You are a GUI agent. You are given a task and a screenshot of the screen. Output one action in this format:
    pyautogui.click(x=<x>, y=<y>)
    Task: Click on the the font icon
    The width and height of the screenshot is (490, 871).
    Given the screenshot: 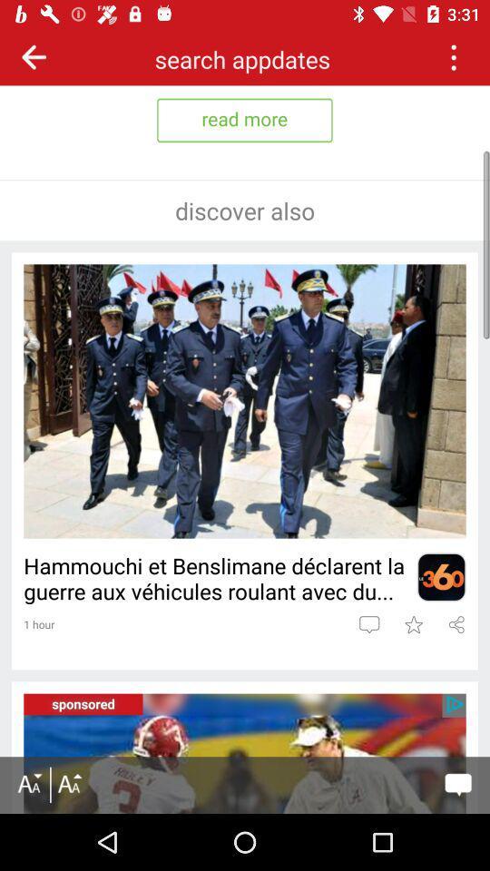 What is the action you would take?
    pyautogui.click(x=28, y=784)
    